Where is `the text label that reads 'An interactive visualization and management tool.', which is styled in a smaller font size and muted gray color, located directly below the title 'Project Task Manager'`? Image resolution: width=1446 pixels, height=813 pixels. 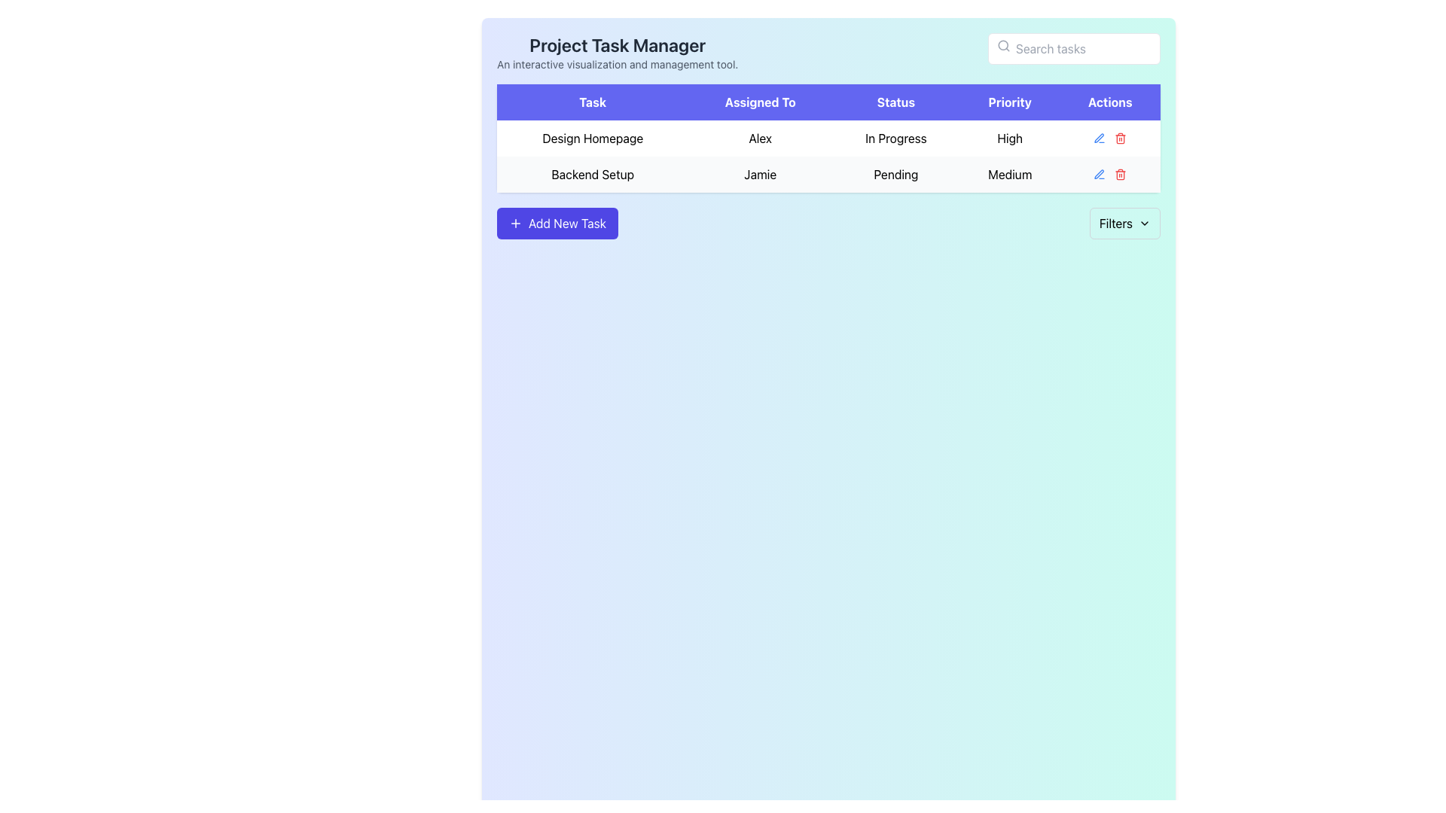 the text label that reads 'An interactive visualization and management tool.', which is styled in a smaller font size and muted gray color, located directly below the title 'Project Task Manager' is located at coordinates (618, 63).